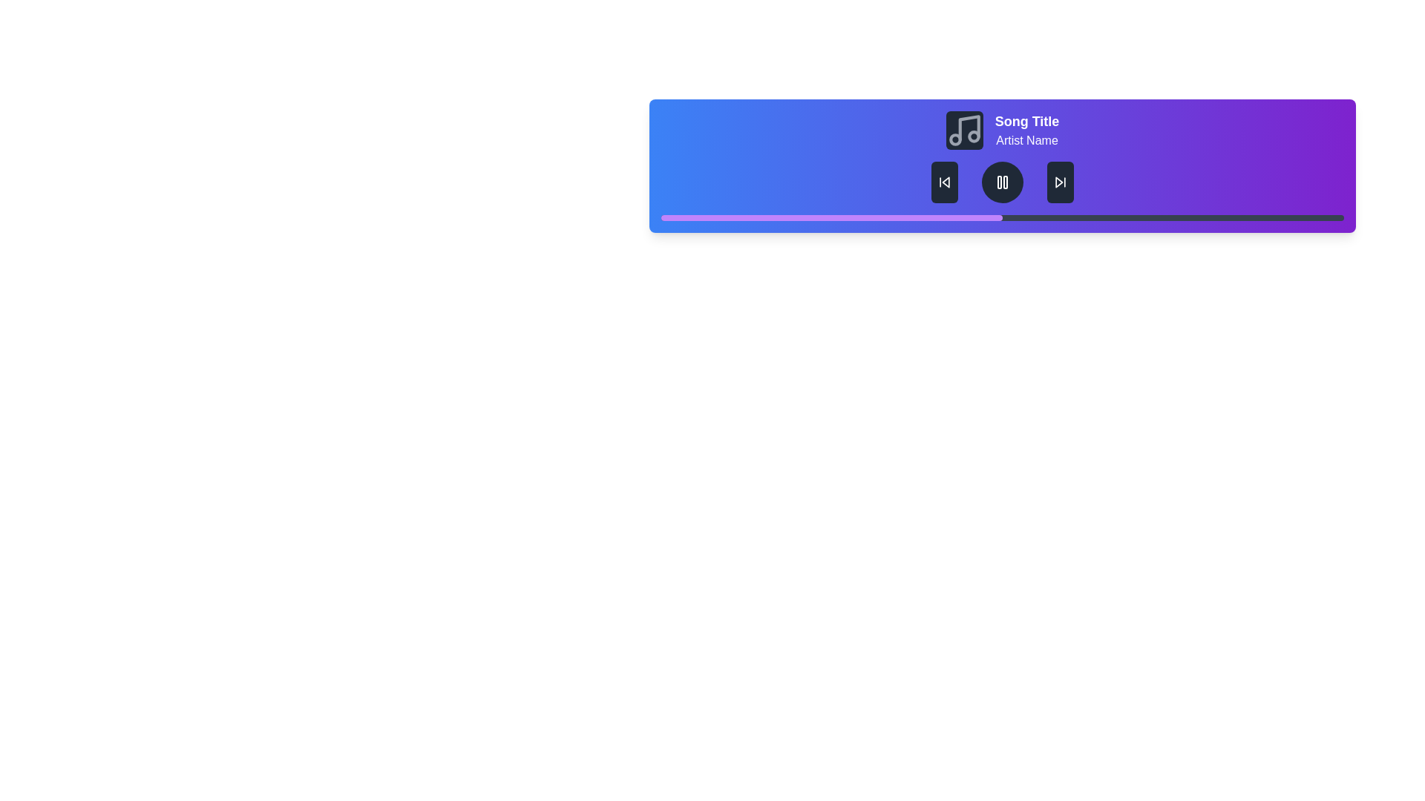 This screenshot has height=801, width=1425. What do you see at coordinates (943, 182) in the screenshot?
I see `the skip back button in the audio player interface` at bounding box center [943, 182].